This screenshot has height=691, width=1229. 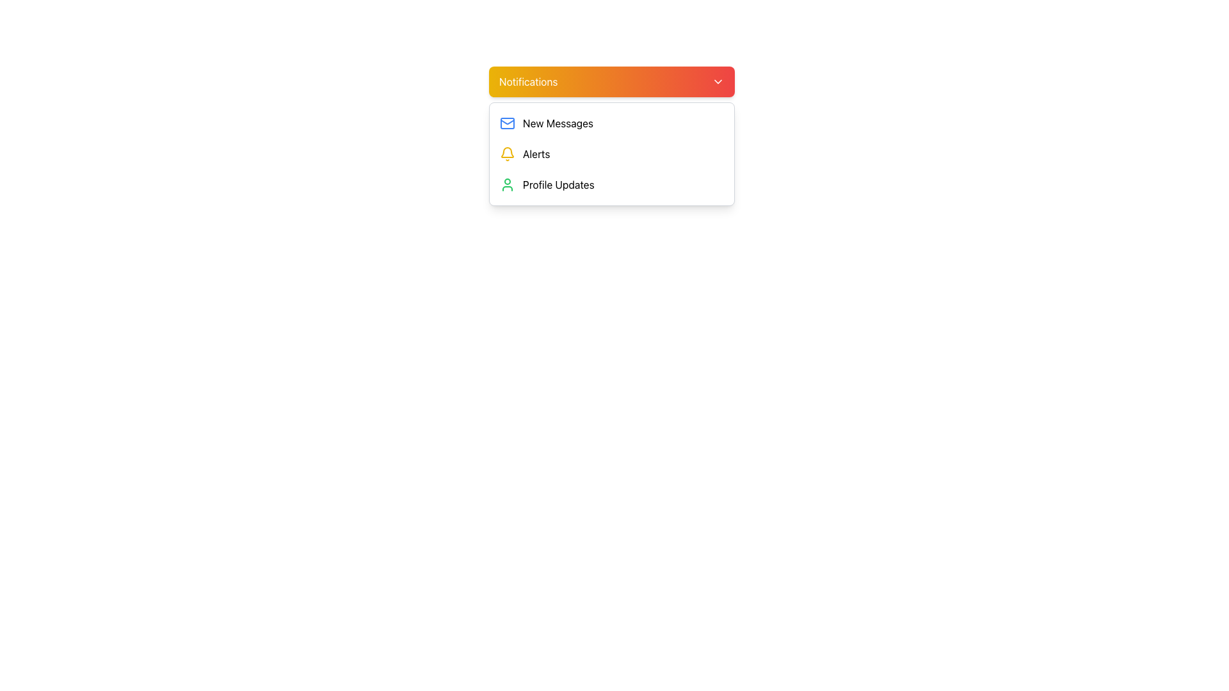 What do you see at coordinates (506, 153) in the screenshot?
I see `the yellow bell icon indicating notifications, located to the left of the 'Alerts' text in the dropdown menu under 'Notifications'` at bounding box center [506, 153].